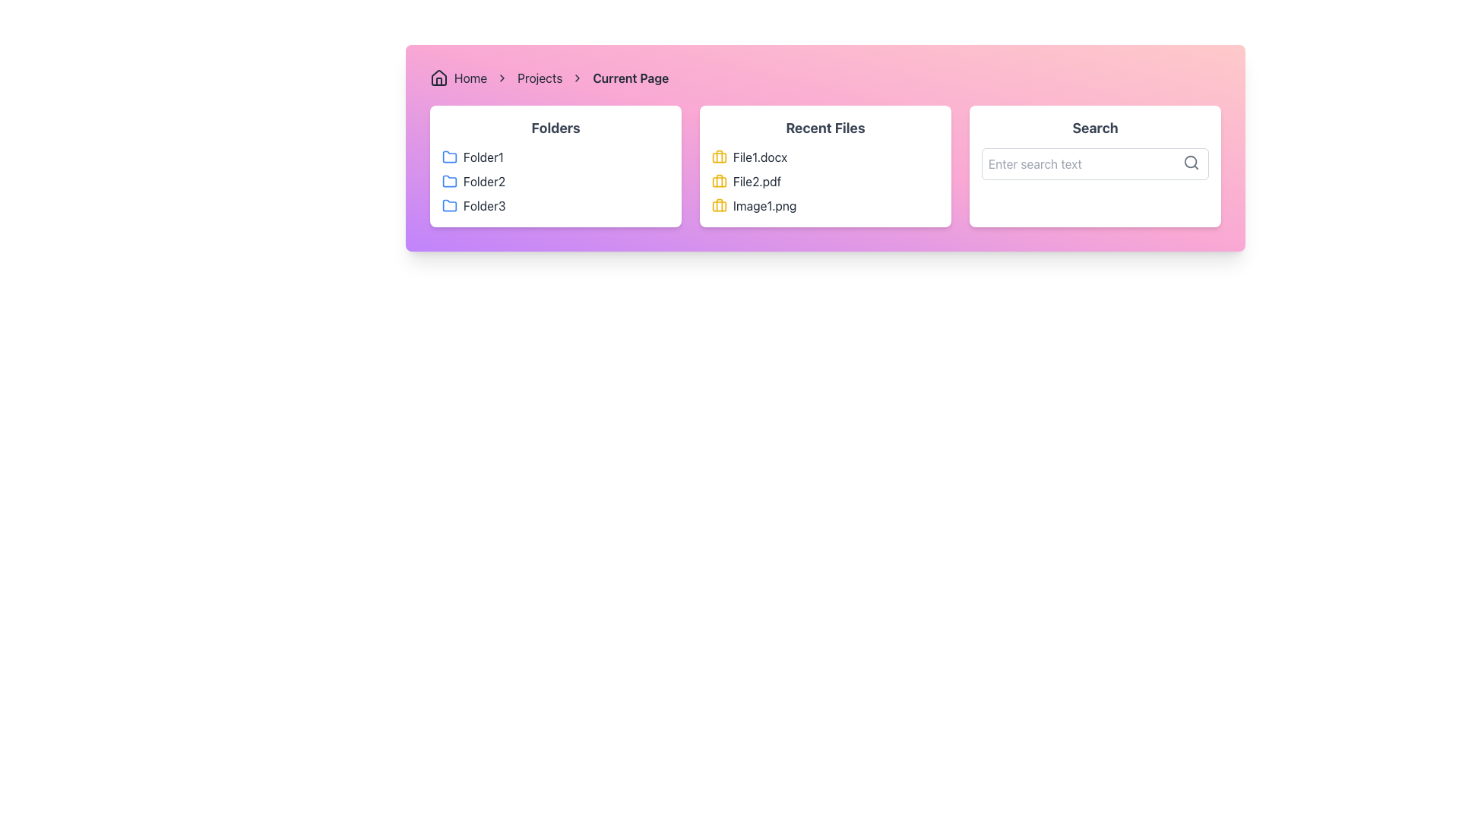 The image size is (1459, 821). I want to click on the yellow briefcase icon located to the left of the text 'File1.docx' in the 'Recent Files' section, so click(718, 157).